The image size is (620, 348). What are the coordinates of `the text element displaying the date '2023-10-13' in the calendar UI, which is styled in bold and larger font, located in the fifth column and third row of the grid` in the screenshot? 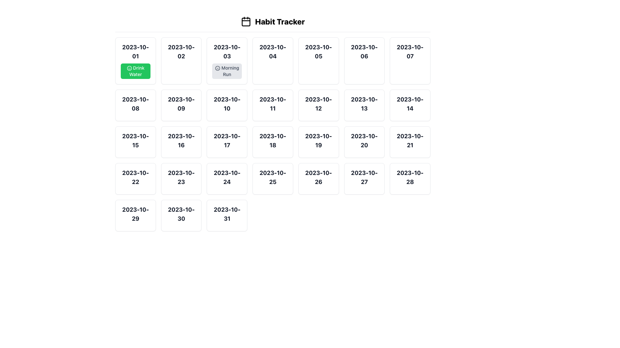 It's located at (364, 104).